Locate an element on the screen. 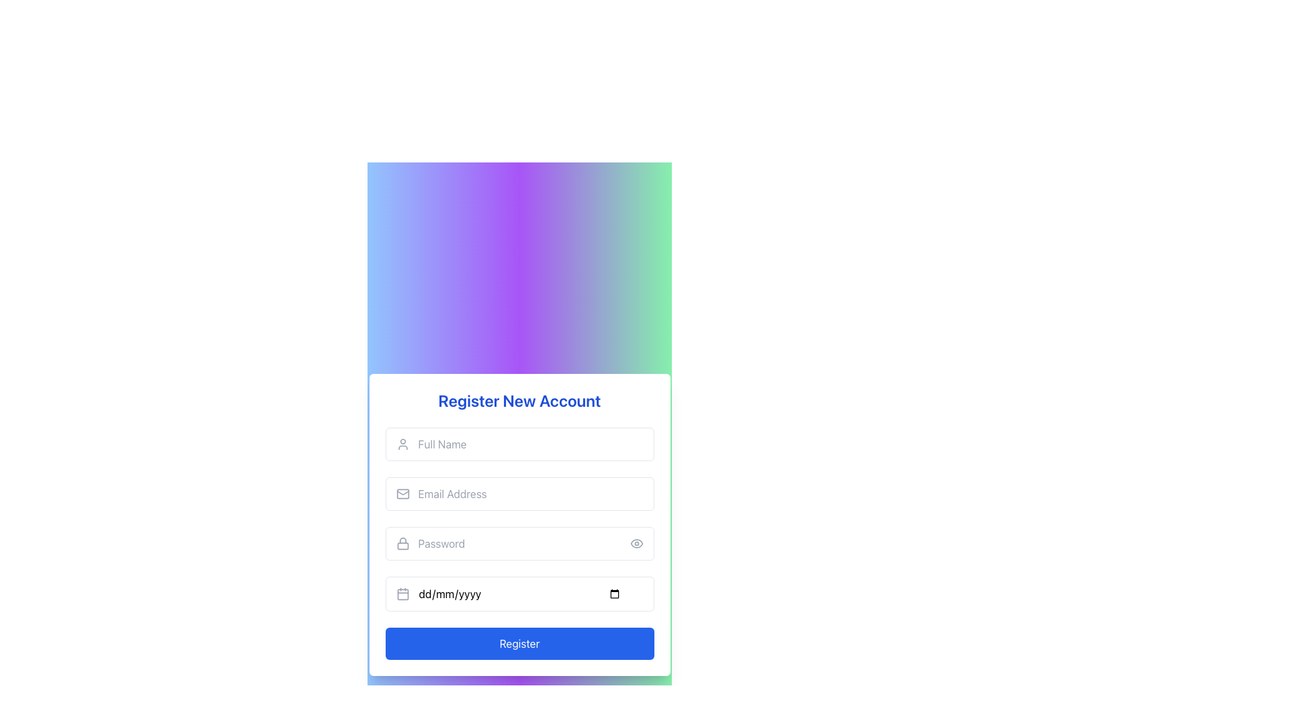 Image resolution: width=1290 pixels, height=725 pixels. the calendar icon located is located at coordinates (402, 593).